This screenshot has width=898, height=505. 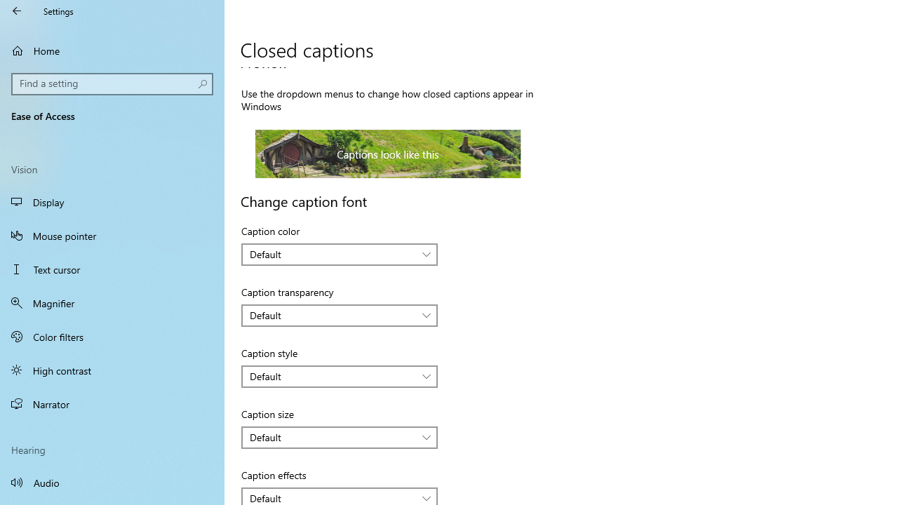 What do you see at coordinates (340, 376) in the screenshot?
I see `'Caption style'` at bounding box center [340, 376].